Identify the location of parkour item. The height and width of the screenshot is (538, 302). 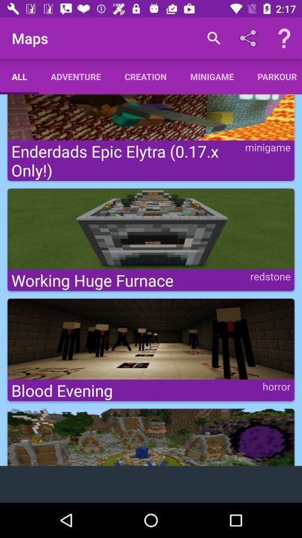
(273, 76).